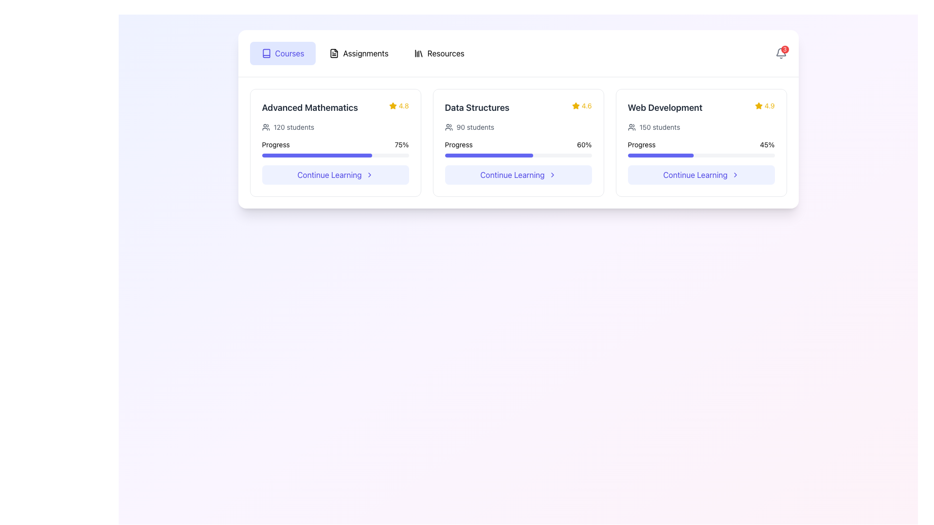 This screenshot has width=934, height=525. Describe the element at coordinates (317, 155) in the screenshot. I see `the indigo colored progress bar segment representing 75% progress within the progress bar below the 'Advanced Mathematics' card` at that location.